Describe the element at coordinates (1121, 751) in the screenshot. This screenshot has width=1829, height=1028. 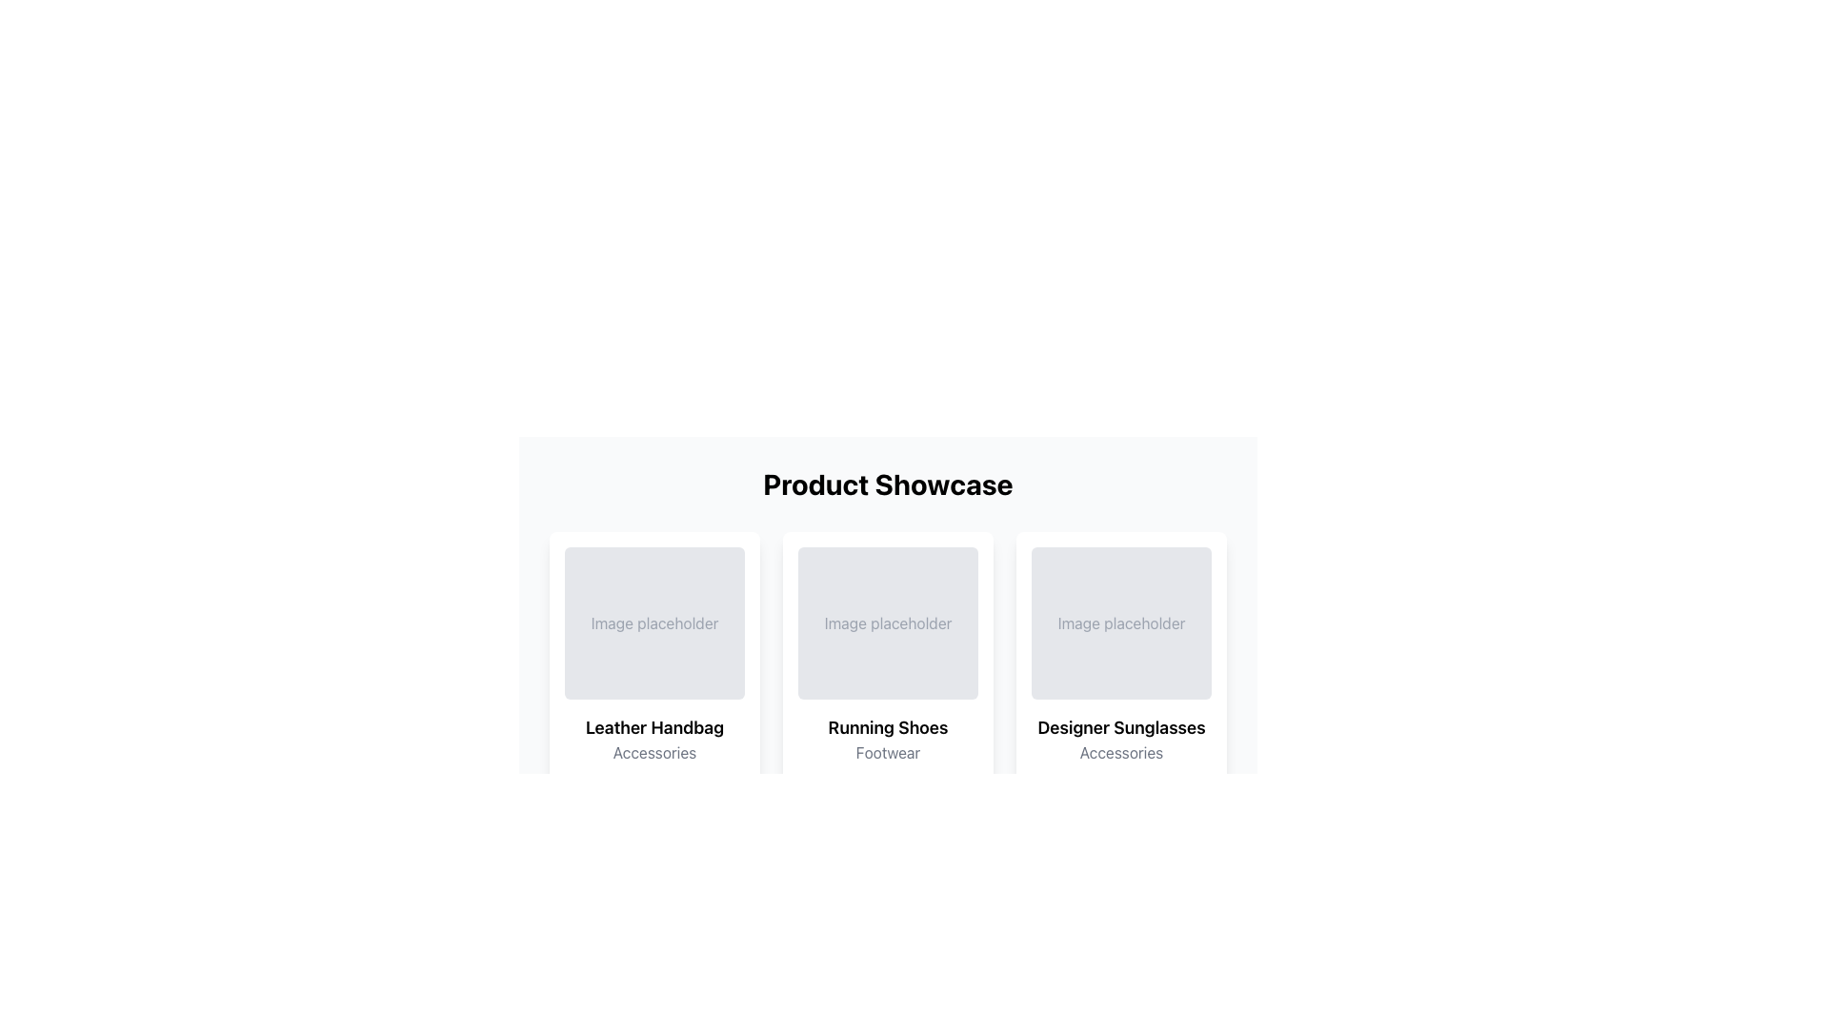
I see `the category label text element located beneath the 'Designer Sunglasses' title in the third column of the product card within the 'Product Showcase' section` at that location.